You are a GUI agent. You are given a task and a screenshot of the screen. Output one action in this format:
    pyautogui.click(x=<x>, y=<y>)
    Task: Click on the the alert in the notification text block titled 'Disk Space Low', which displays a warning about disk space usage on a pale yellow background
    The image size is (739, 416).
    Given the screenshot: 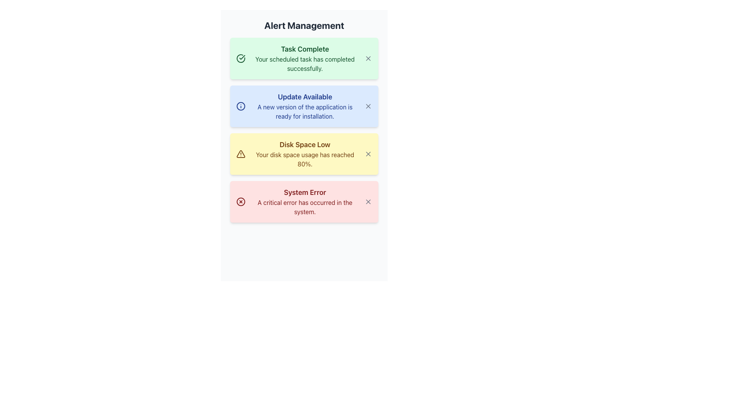 What is the action you would take?
    pyautogui.click(x=304, y=154)
    